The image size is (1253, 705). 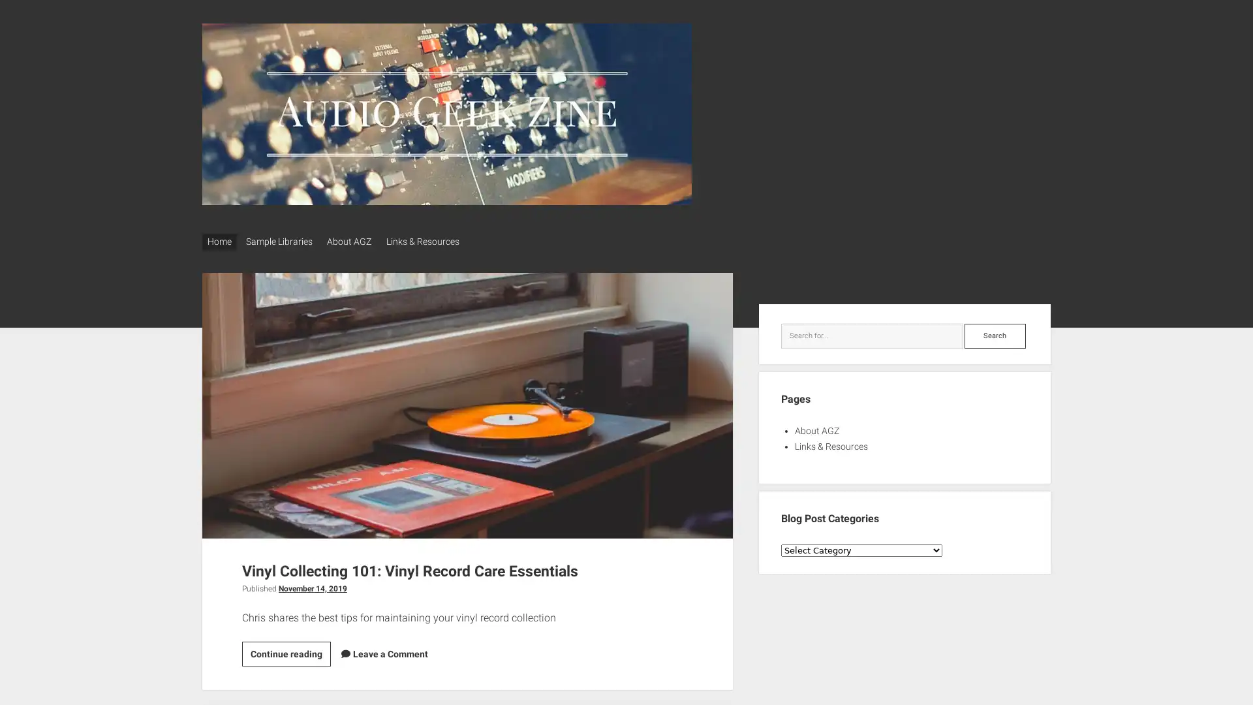 What do you see at coordinates (994, 332) in the screenshot?
I see `Search` at bounding box center [994, 332].